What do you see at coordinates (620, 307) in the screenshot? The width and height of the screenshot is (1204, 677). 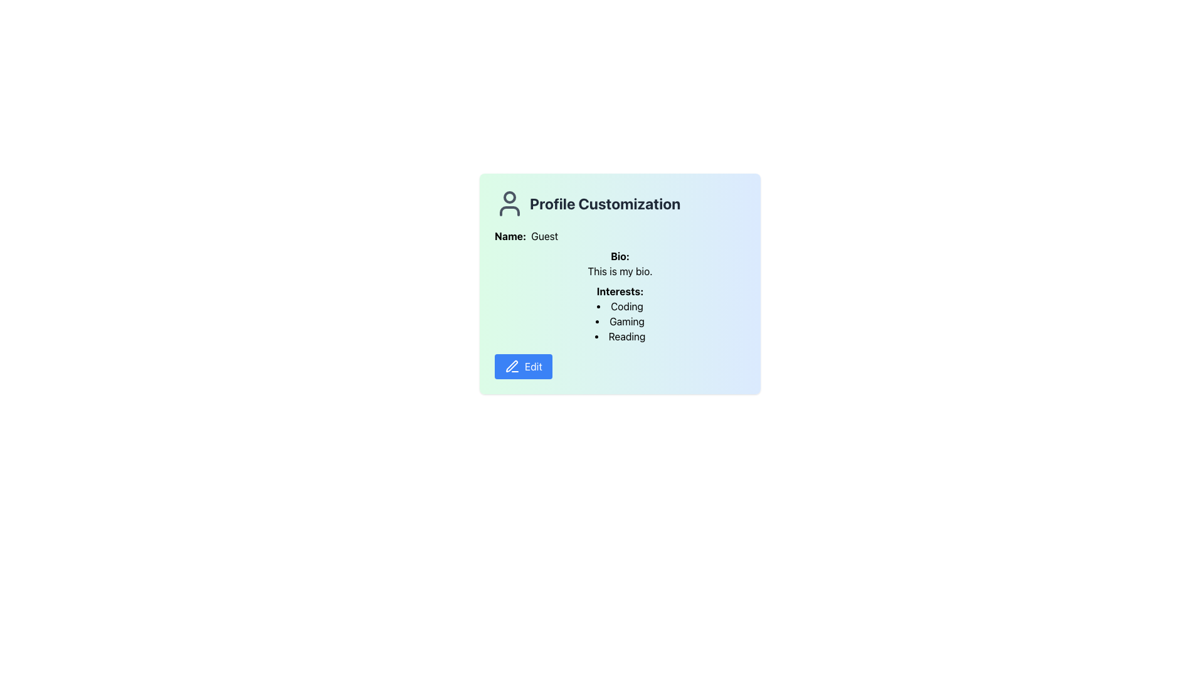 I see `text 'Coding' from the first item in the vertical list of interests located in the 'Profile Customization' card` at bounding box center [620, 307].